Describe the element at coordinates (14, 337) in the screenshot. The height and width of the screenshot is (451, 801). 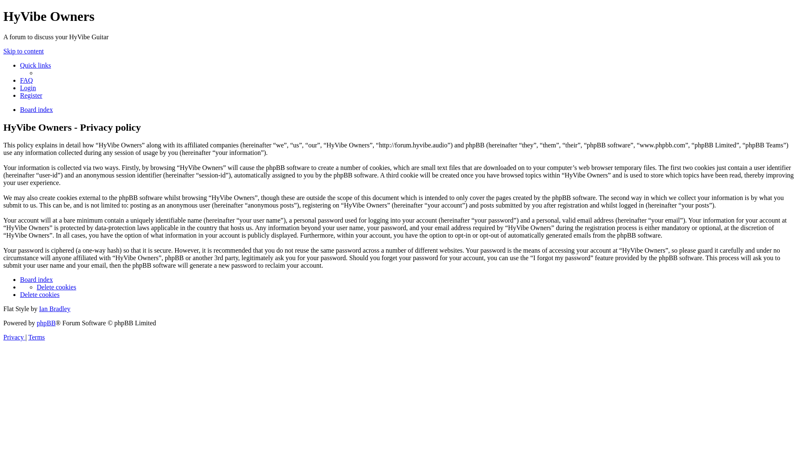
I see `'Privacy'` at that location.